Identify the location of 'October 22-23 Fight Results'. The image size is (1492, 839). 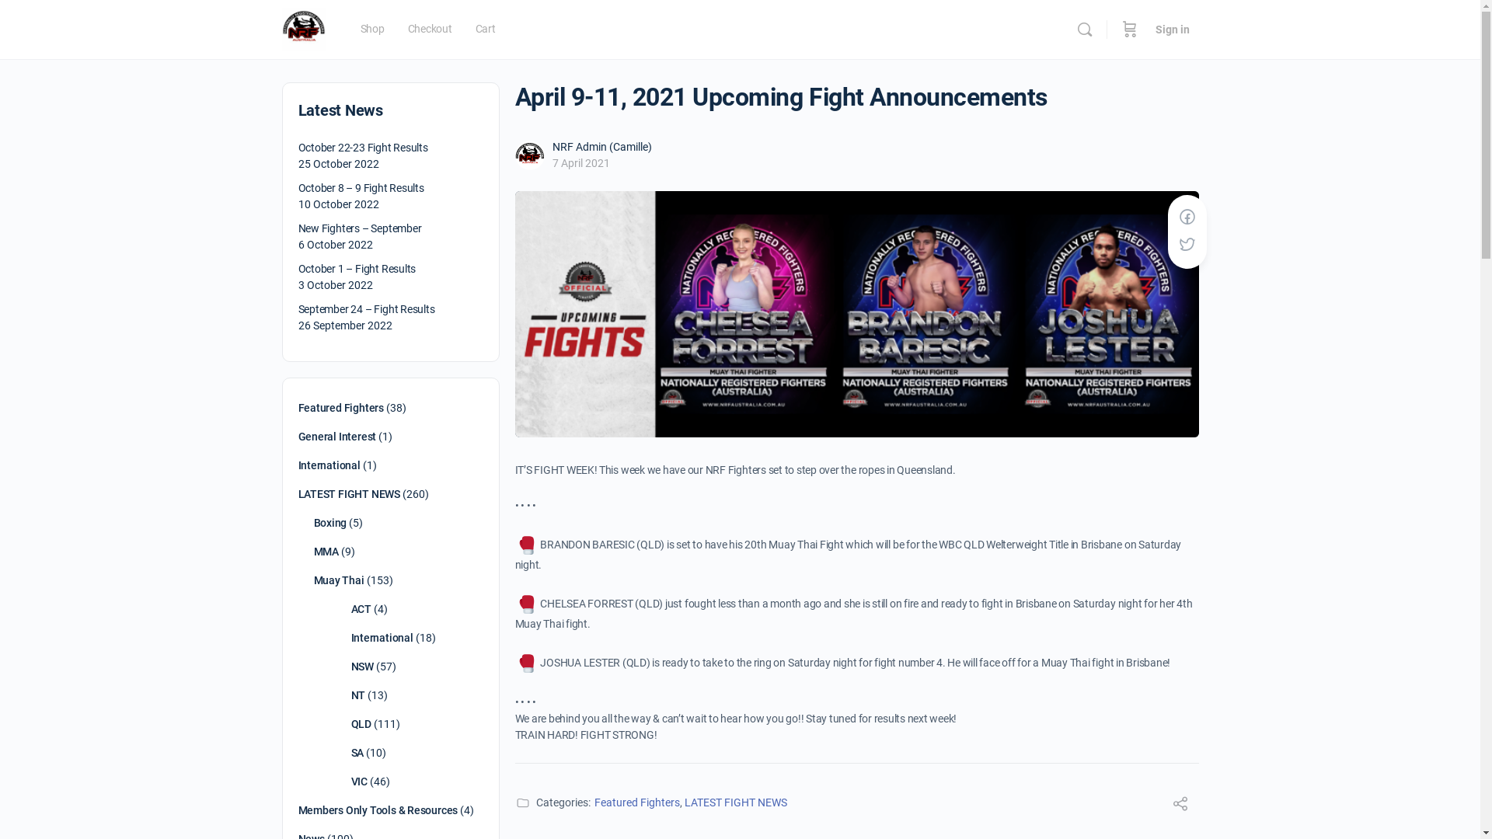
(362, 147).